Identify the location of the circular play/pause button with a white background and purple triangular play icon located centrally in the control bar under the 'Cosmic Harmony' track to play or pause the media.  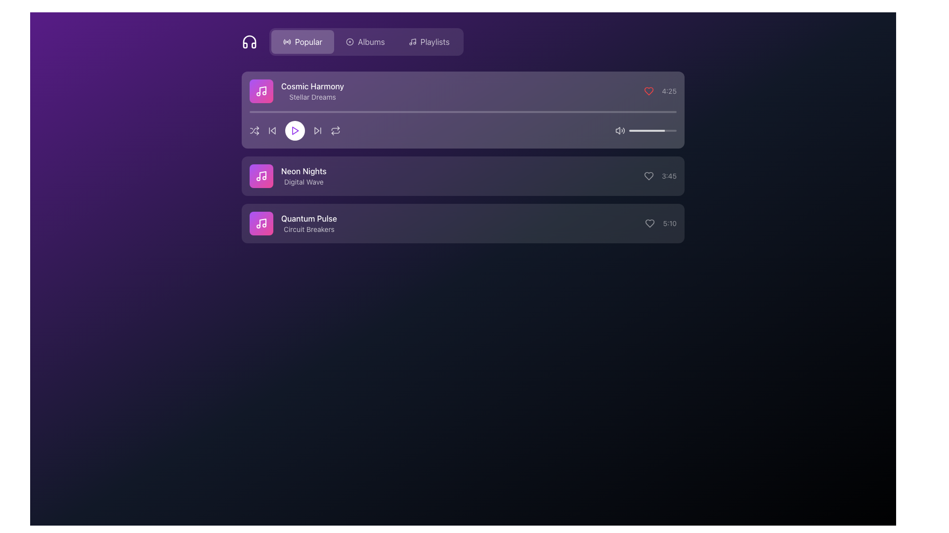
(294, 130).